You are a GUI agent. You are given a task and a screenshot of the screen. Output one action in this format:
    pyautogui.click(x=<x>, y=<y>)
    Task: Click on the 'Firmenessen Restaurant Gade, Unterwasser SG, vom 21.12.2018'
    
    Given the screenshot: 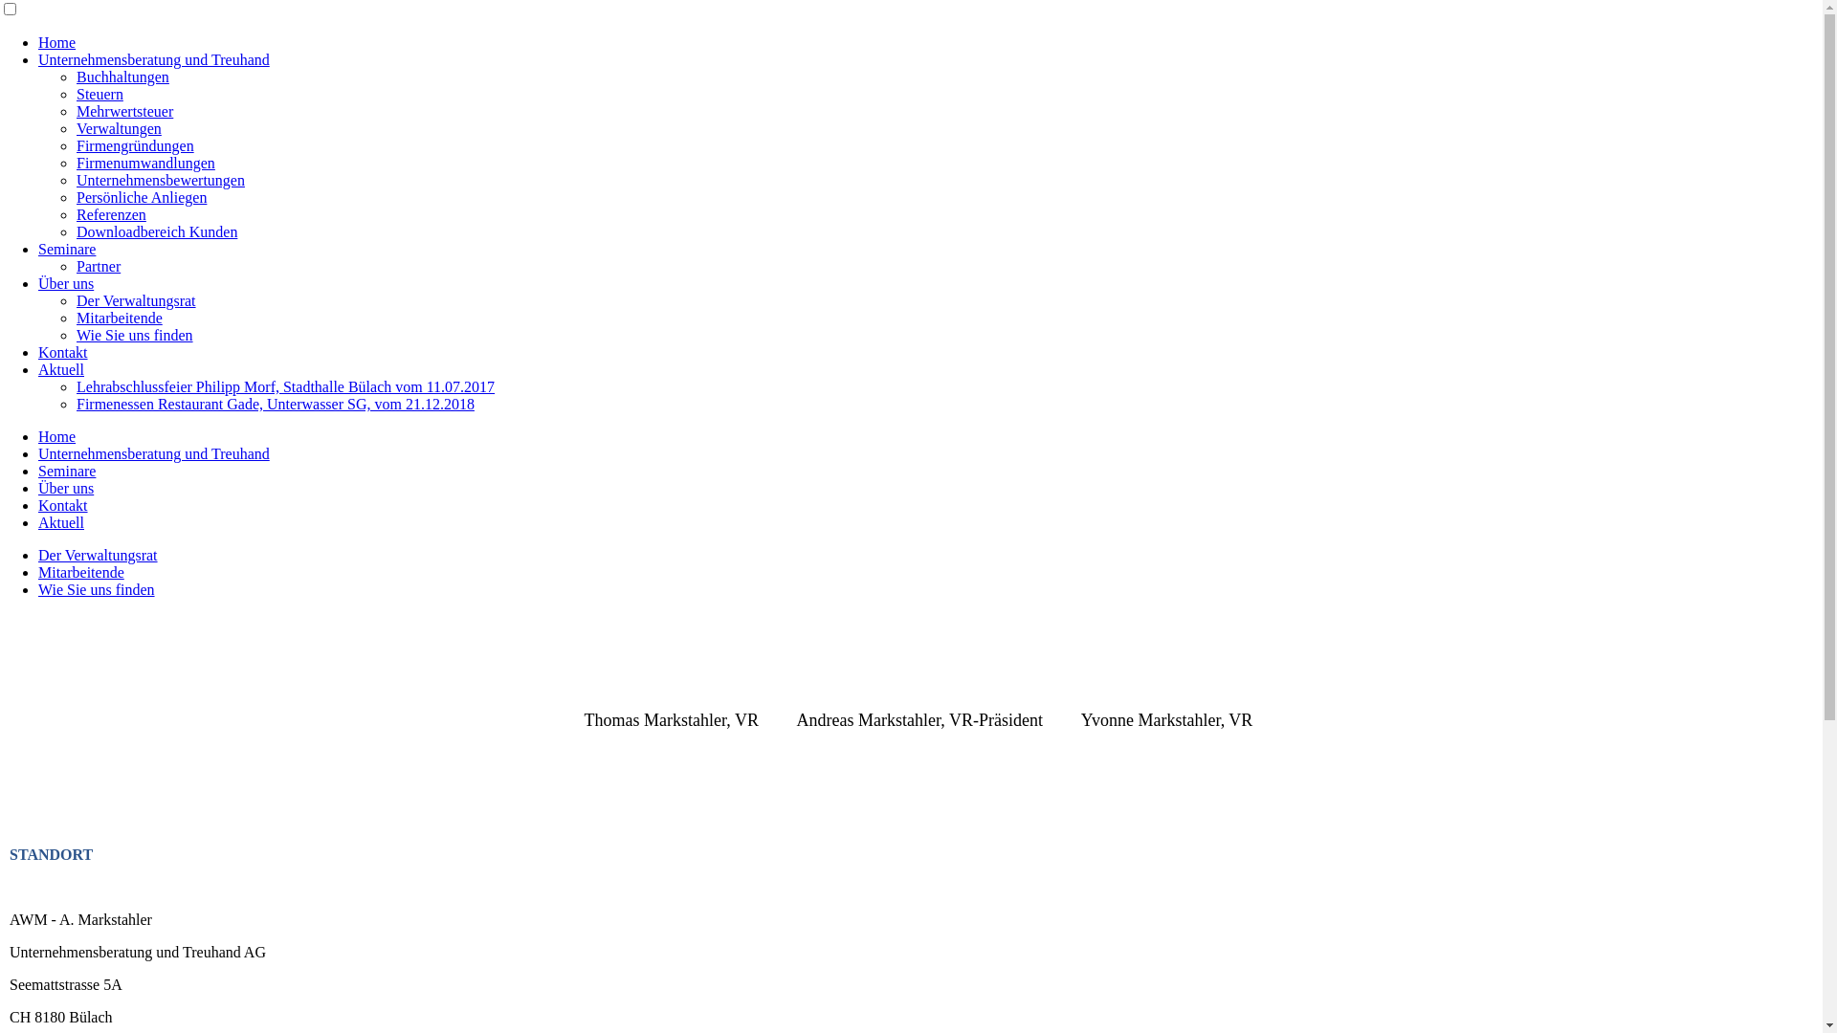 What is the action you would take?
    pyautogui.click(x=275, y=403)
    